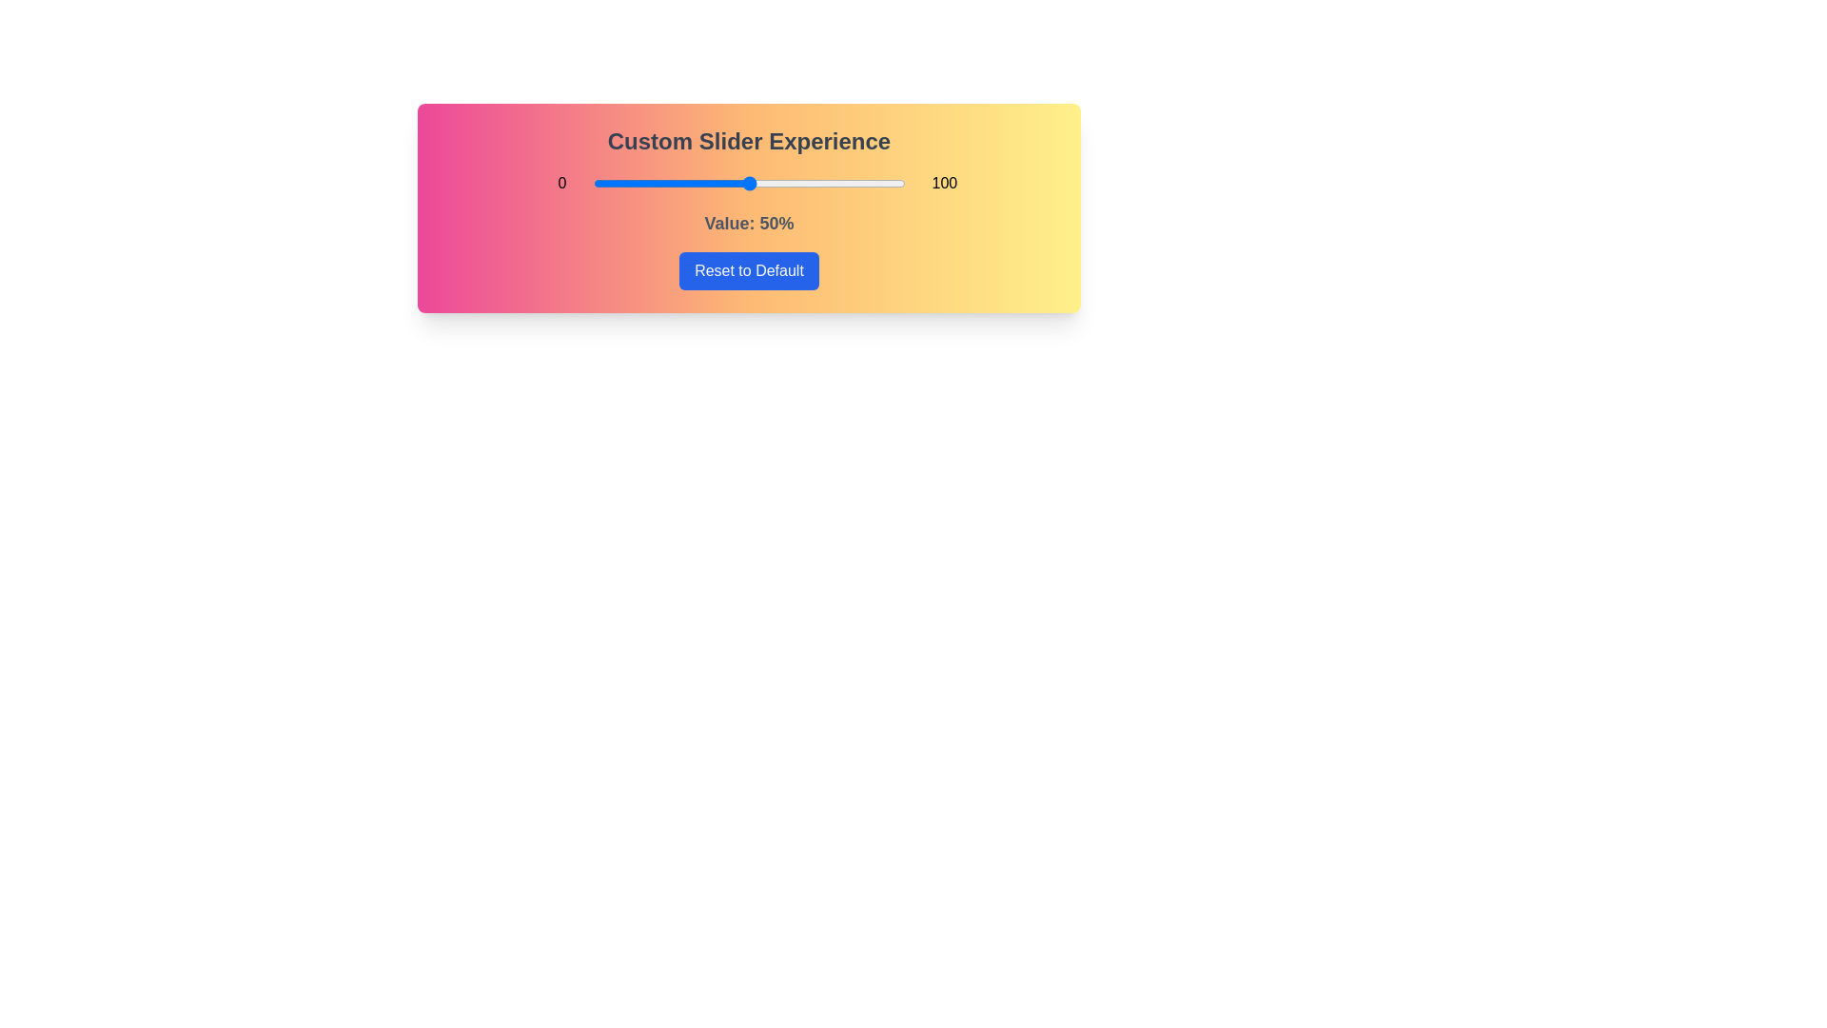 Image resolution: width=1827 pixels, height=1028 pixels. What do you see at coordinates (885, 183) in the screenshot?
I see `the slider to 94% to explore the gradient background` at bounding box center [885, 183].